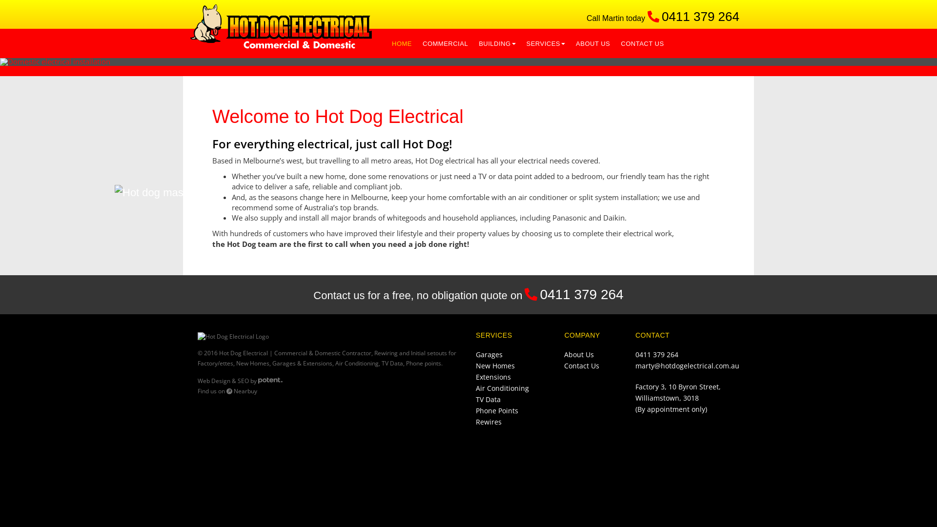 This screenshot has height=527, width=937. Describe the element at coordinates (489, 354) in the screenshot. I see `'Garages'` at that location.